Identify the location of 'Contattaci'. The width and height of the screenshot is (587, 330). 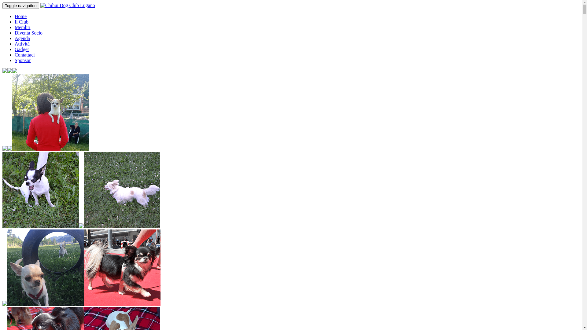
(24, 54).